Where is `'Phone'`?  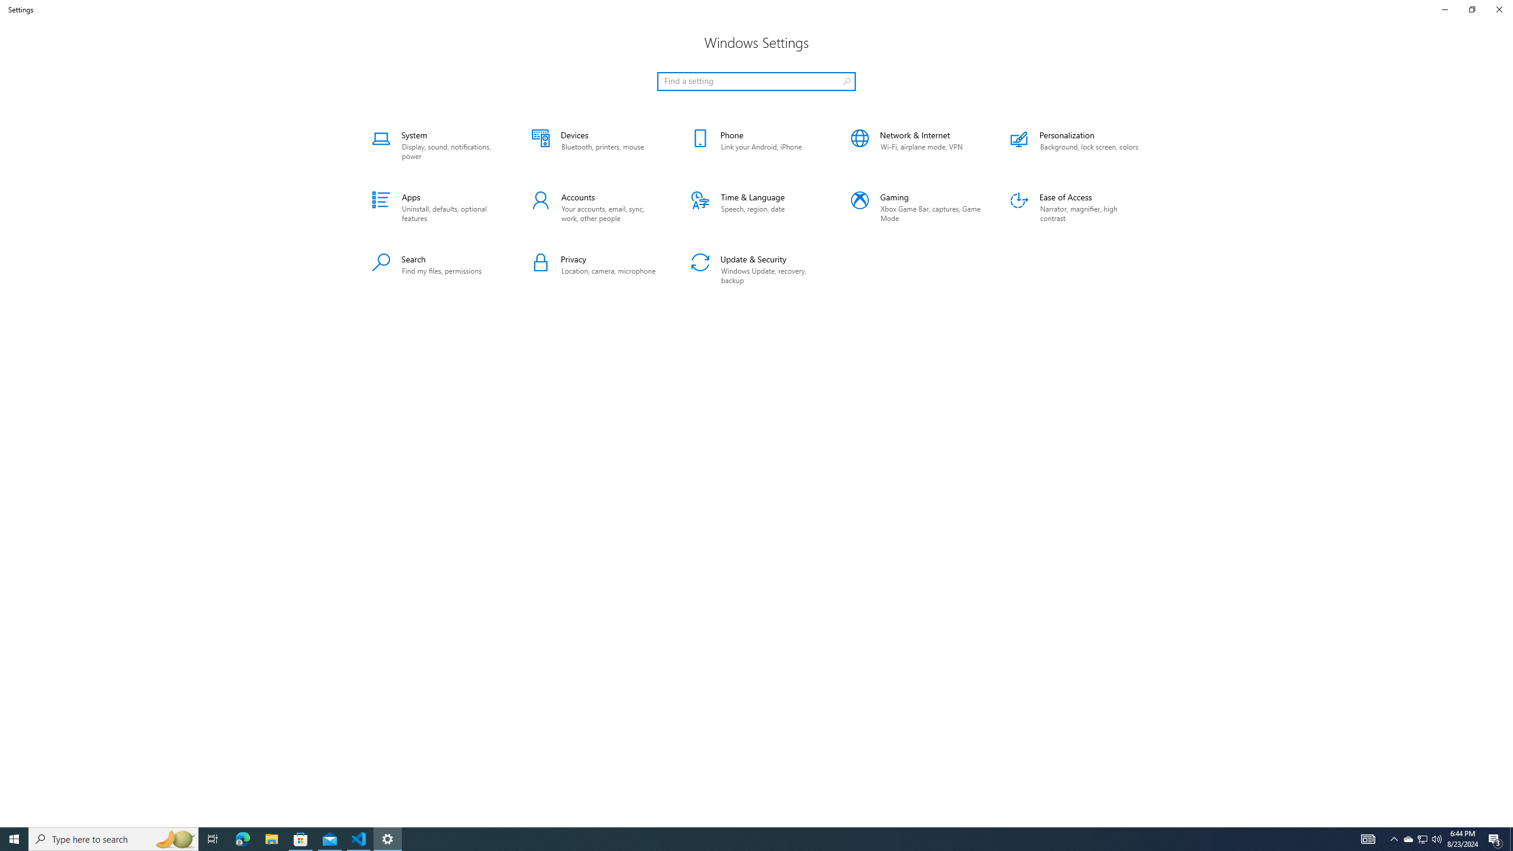 'Phone' is located at coordinates (756, 145).